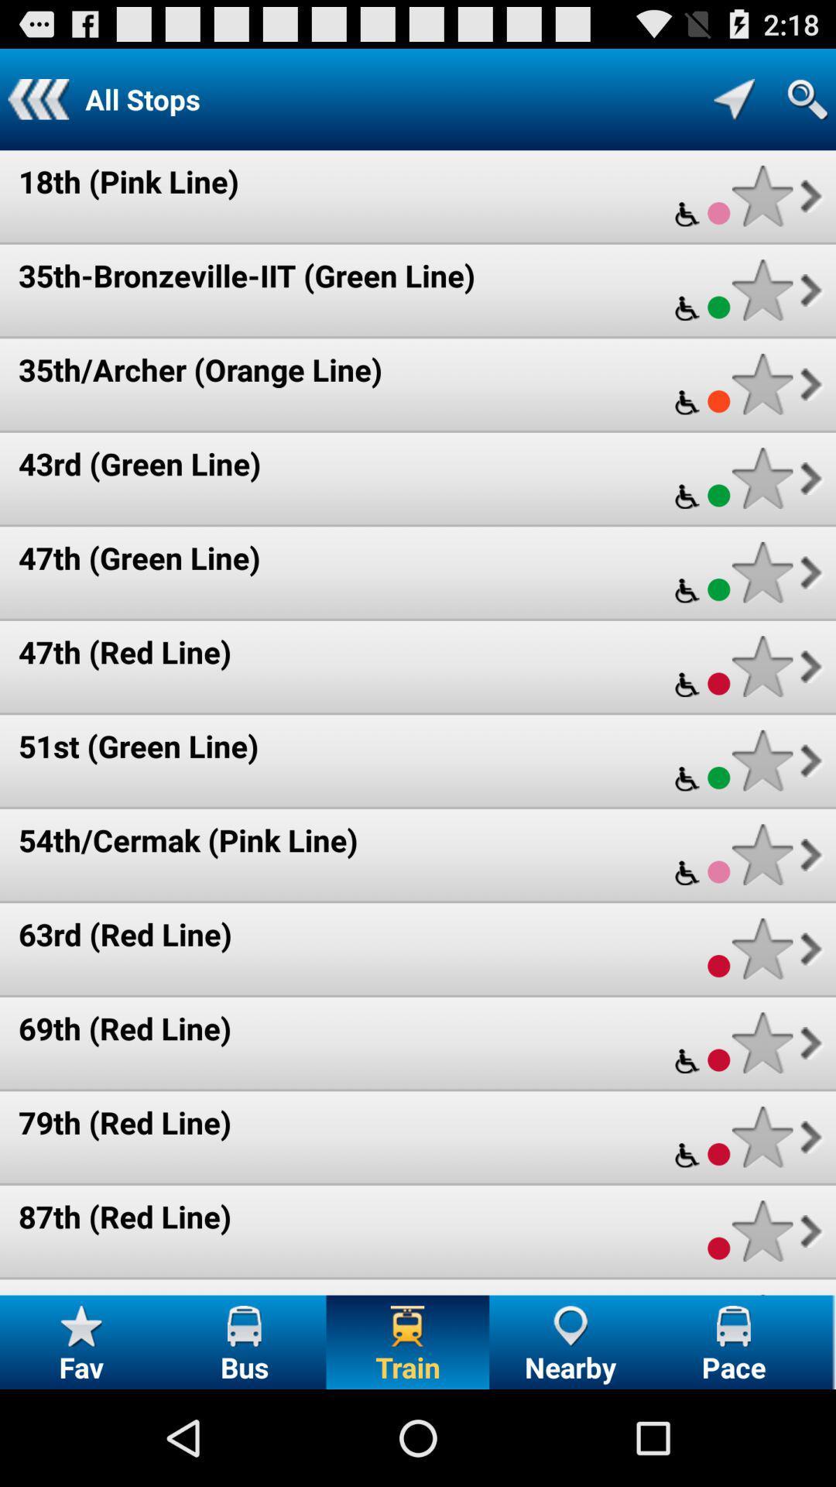 This screenshot has height=1487, width=836. I want to click on the search icon, so click(807, 105).